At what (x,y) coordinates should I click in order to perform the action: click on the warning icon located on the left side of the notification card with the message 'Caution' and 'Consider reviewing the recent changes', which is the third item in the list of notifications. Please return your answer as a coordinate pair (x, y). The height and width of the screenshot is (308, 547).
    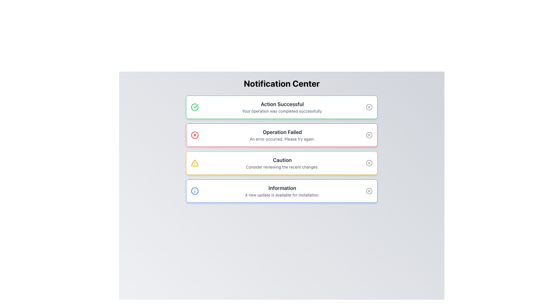
    Looking at the image, I should click on (195, 163).